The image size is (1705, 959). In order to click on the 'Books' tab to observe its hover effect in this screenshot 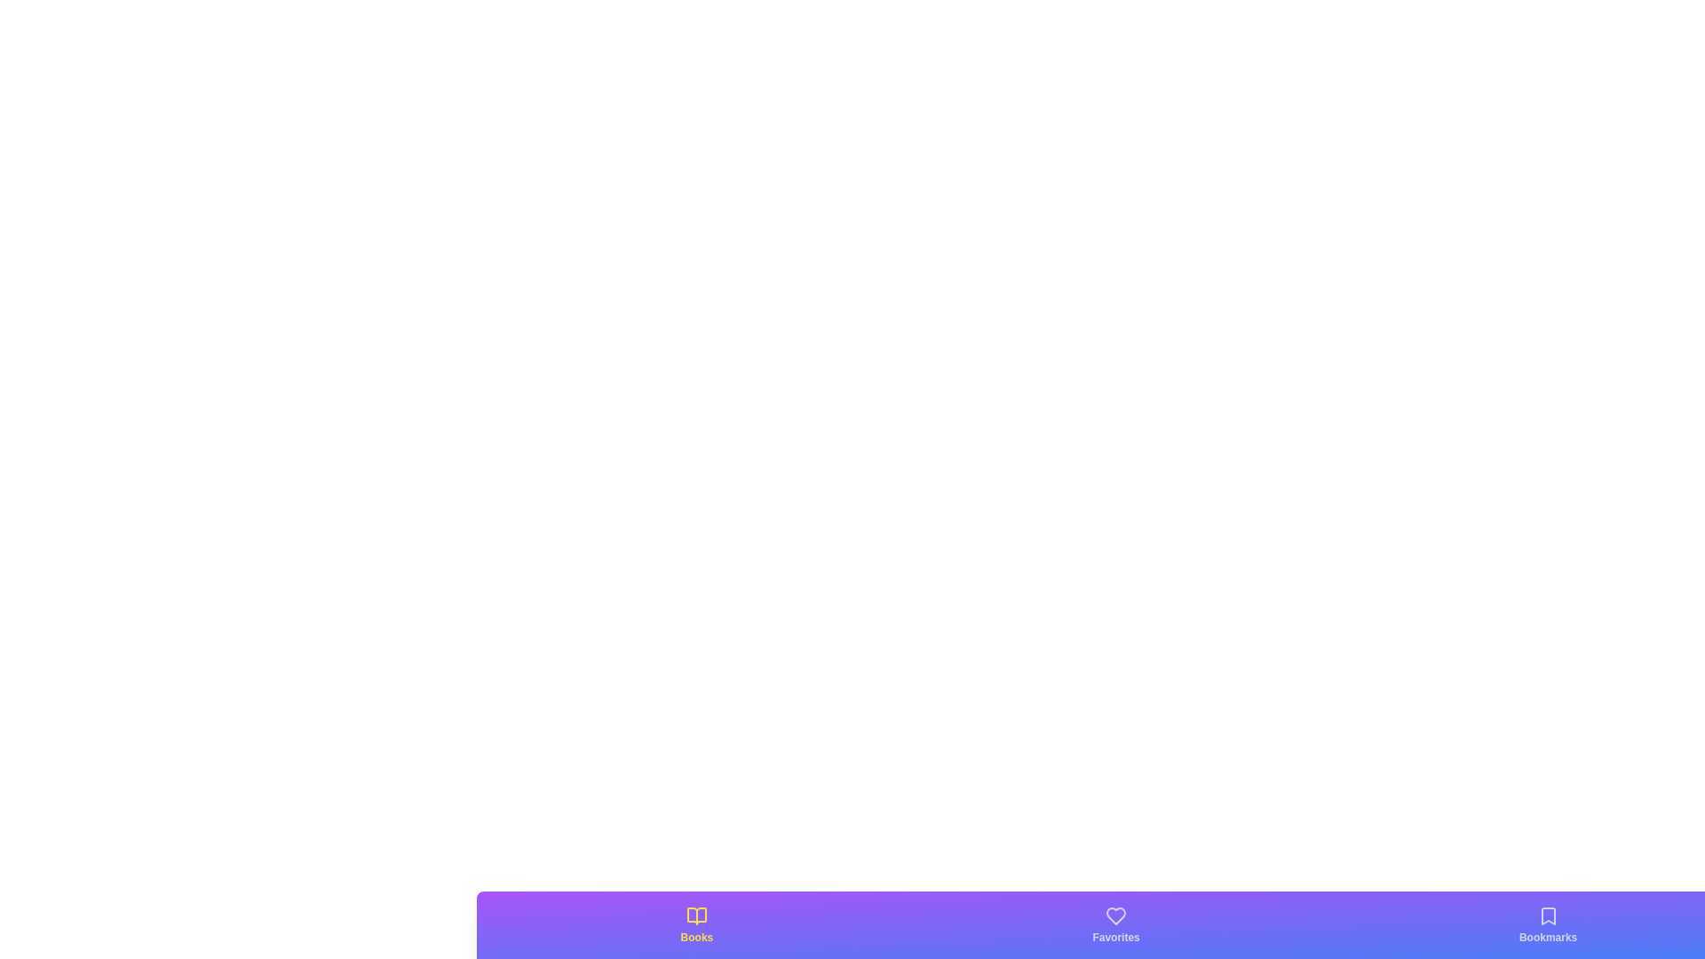, I will do `click(695, 923)`.